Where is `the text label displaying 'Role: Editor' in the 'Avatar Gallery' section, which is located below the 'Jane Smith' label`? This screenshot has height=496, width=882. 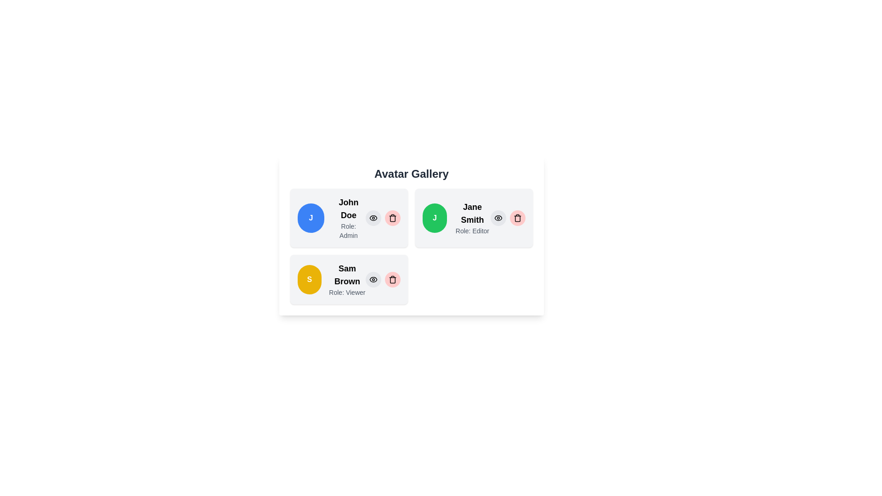
the text label displaying 'Role: Editor' in the 'Avatar Gallery' section, which is located below the 'Jane Smith' label is located at coordinates (472, 230).